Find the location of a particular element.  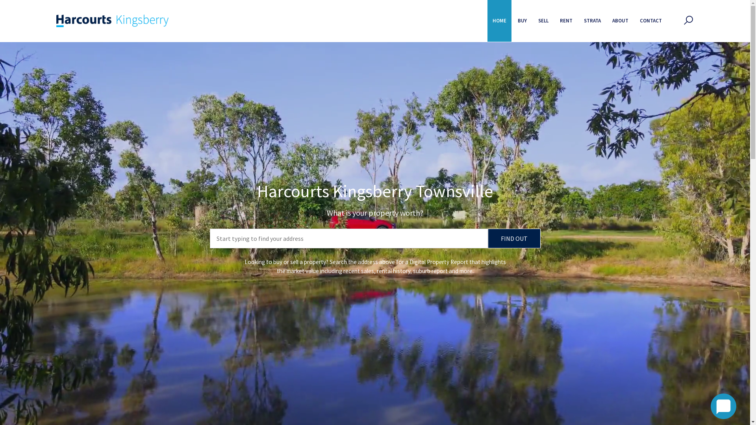

'RENT' is located at coordinates (566, 20).